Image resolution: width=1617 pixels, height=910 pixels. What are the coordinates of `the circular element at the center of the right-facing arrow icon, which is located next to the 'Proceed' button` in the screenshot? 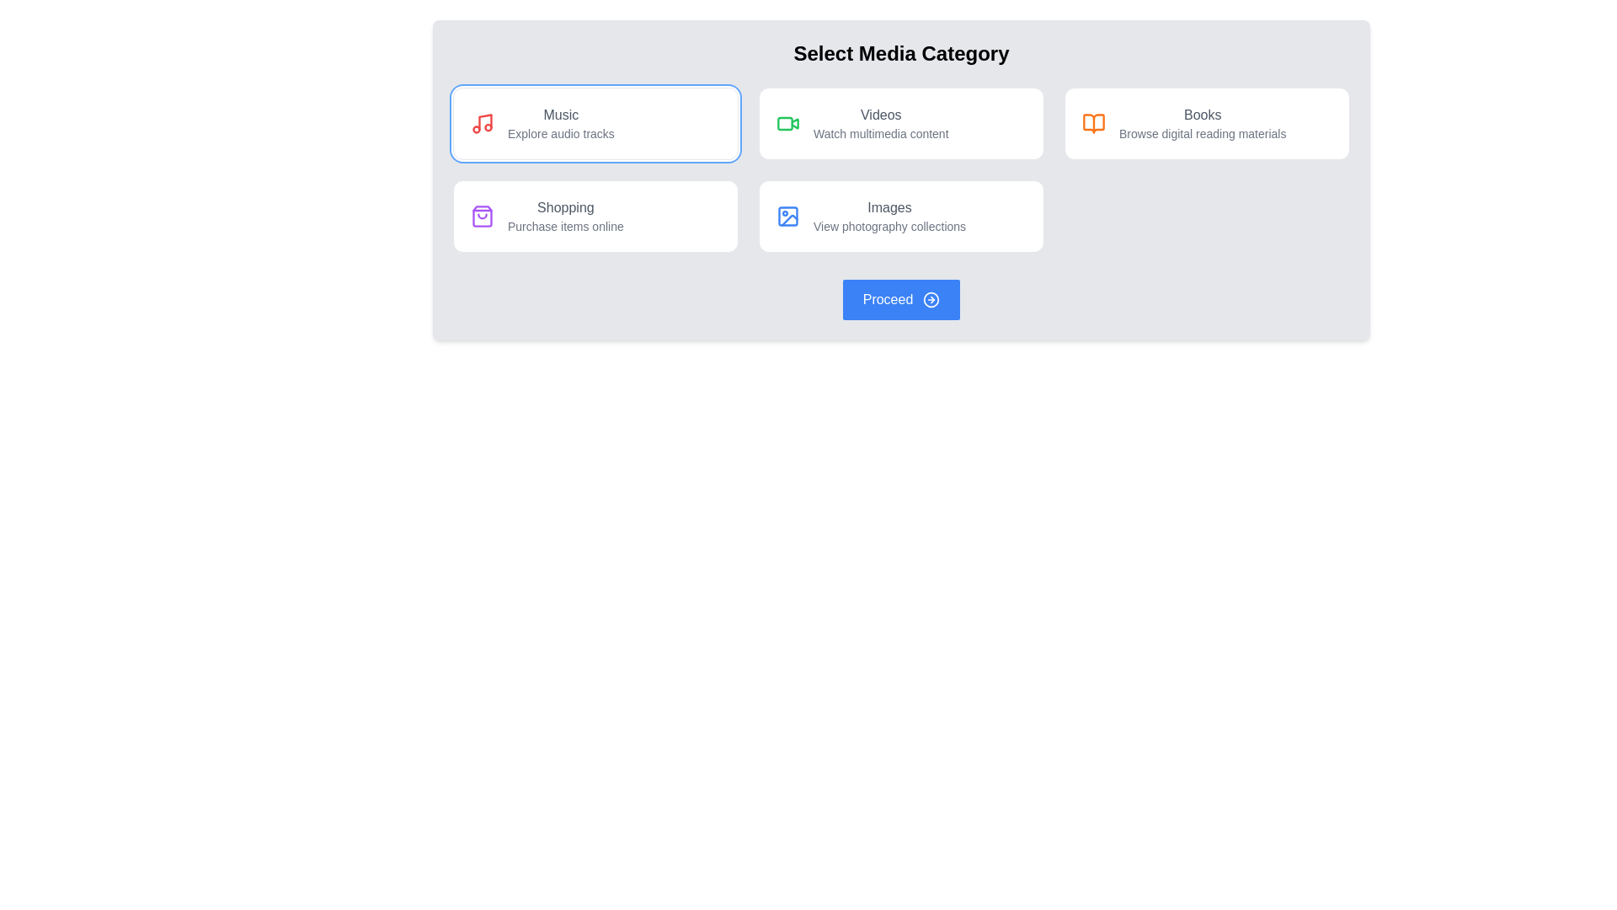 It's located at (931, 298).